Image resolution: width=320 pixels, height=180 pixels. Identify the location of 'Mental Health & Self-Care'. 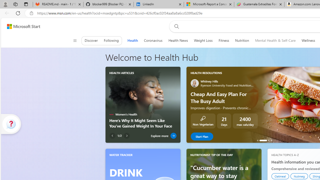
(275, 40).